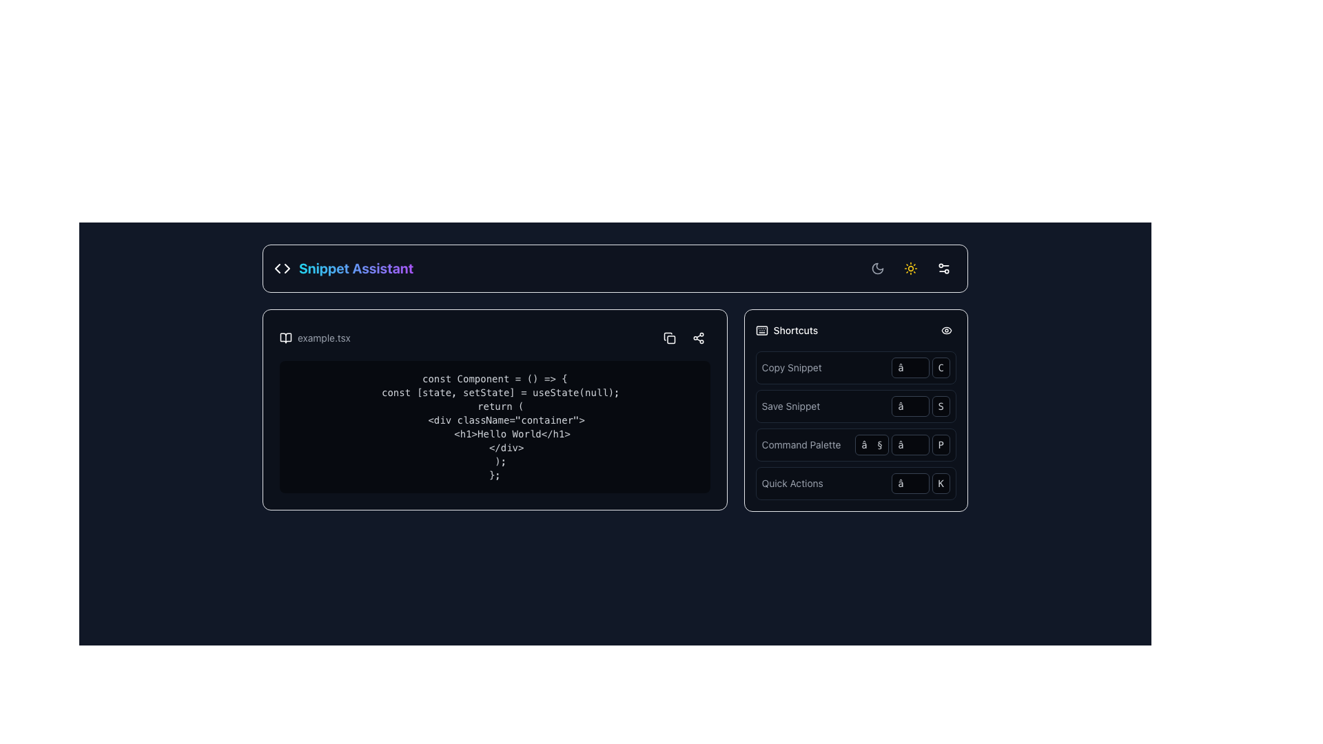  Describe the element at coordinates (940, 483) in the screenshot. I see `the button located in the bottom-right section of the interface under the 'Shortcuts' column` at that location.